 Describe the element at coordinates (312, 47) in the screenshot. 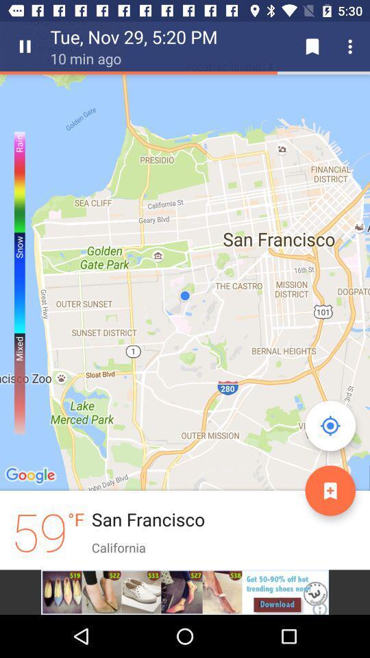

I see `the save icon` at that location.